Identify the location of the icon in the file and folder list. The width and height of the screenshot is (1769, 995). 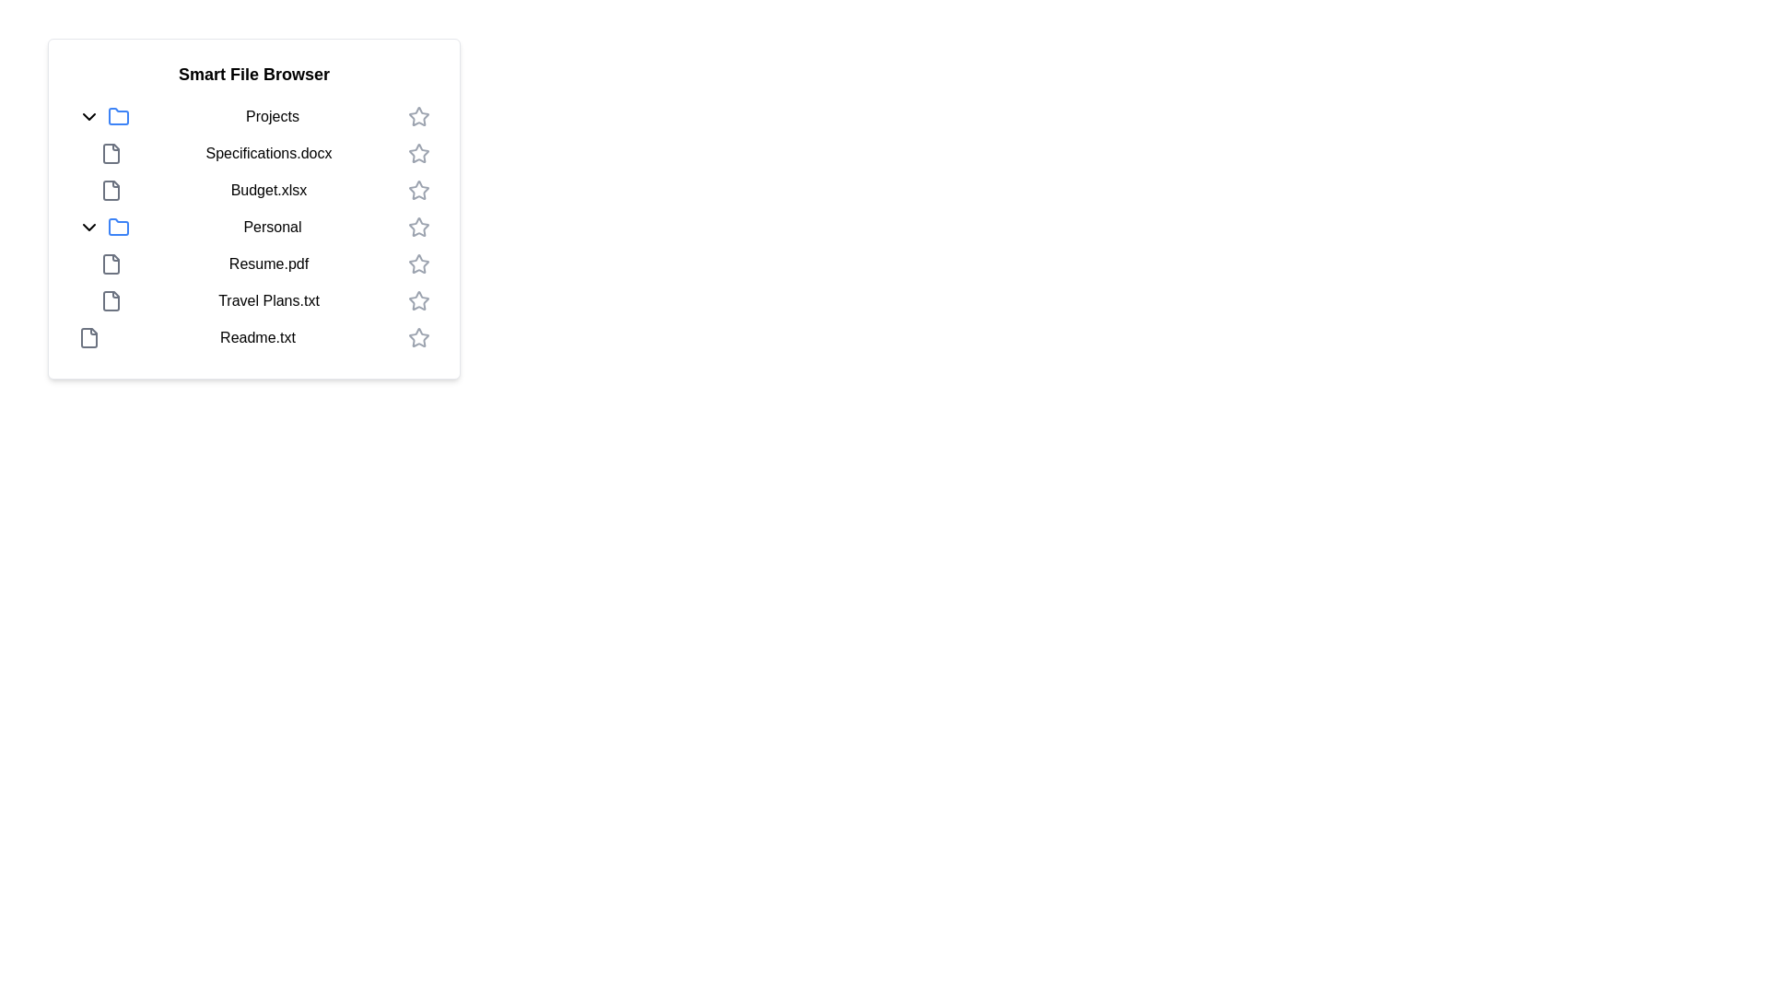
(252, 226).